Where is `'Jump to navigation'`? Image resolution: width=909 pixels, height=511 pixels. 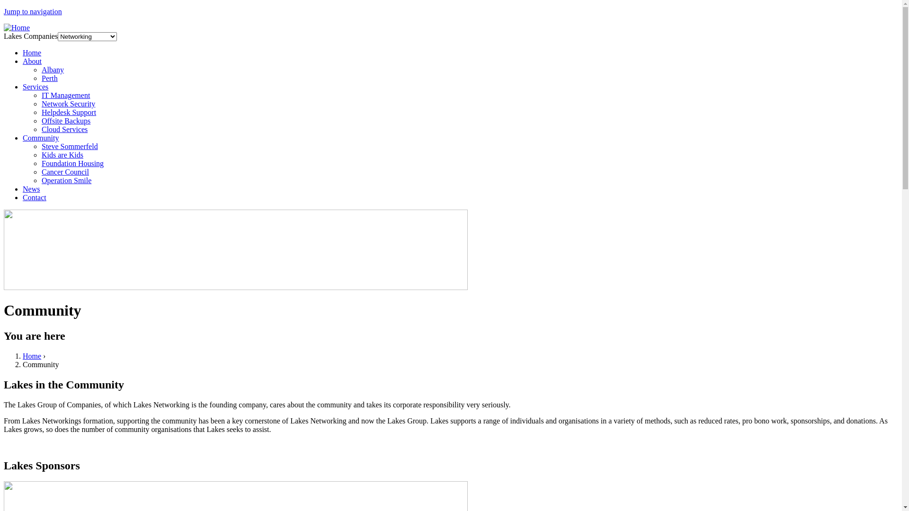 'Jump to navigation' is located at coordinates (33, 11).